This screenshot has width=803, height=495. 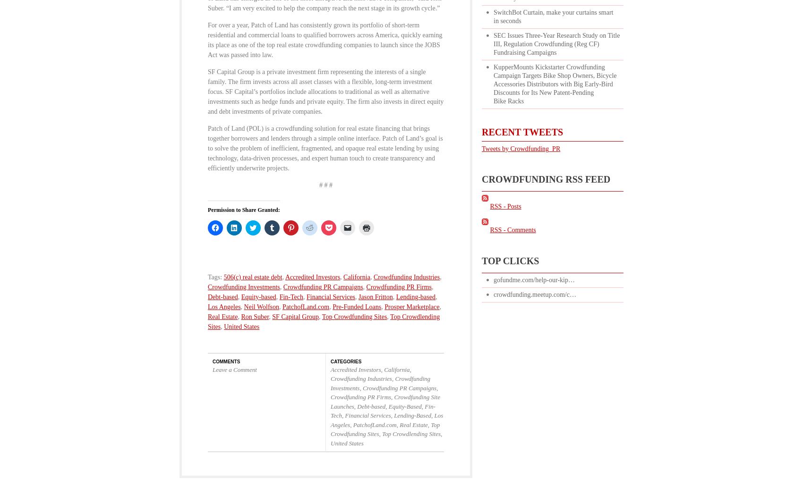 What do you see at coordinates (375, 296) in the screenshot?
I see `'Jason Fritton'` at bounding box center [375, 296].